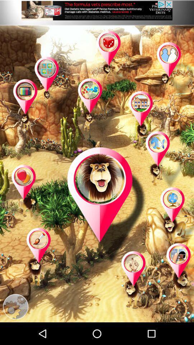 This screenshot has width=194, height=345. Describe the element at coordinates (54, 86) in the screenshot. I see `location` at that location.